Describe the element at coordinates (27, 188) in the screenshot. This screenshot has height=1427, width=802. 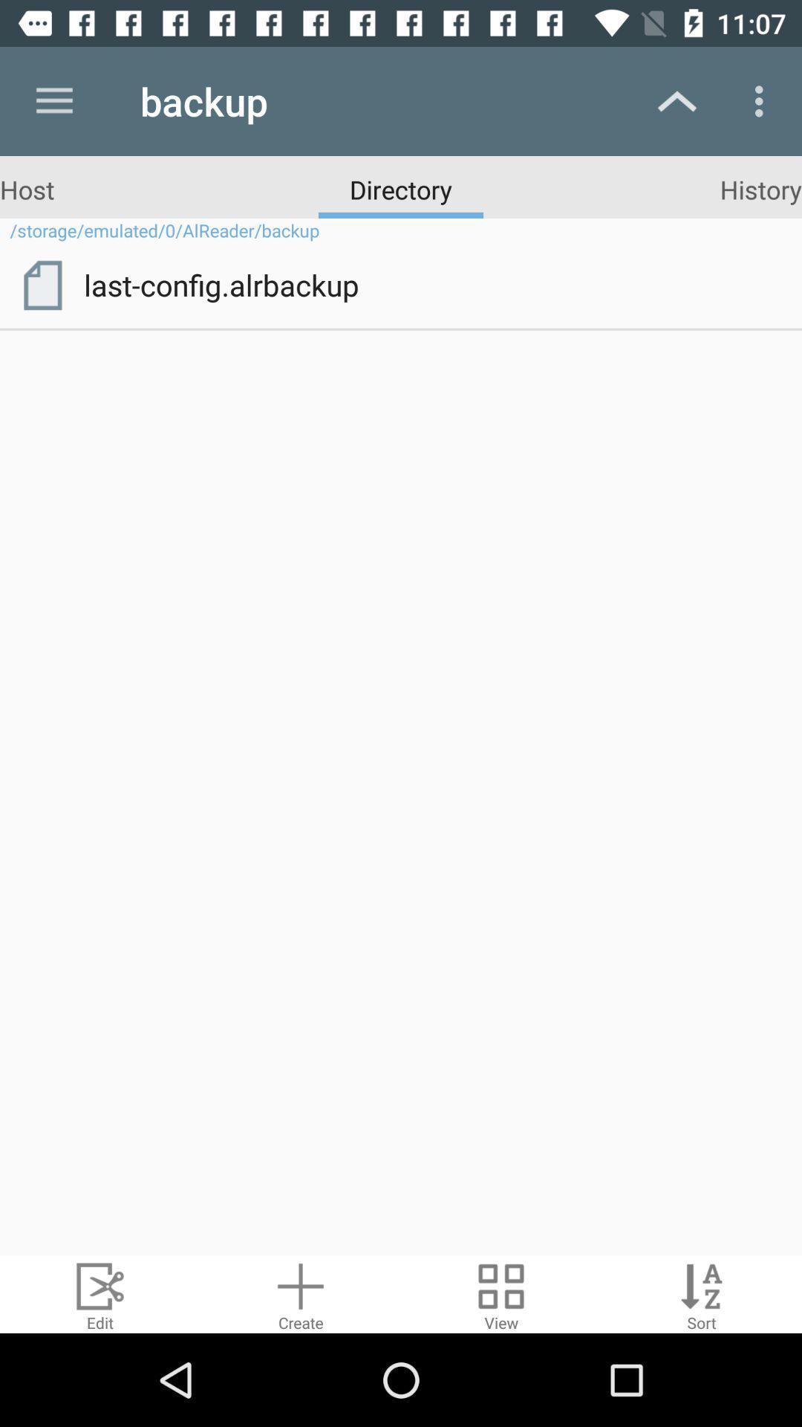
I see `the item to the left of the directory` at that location.